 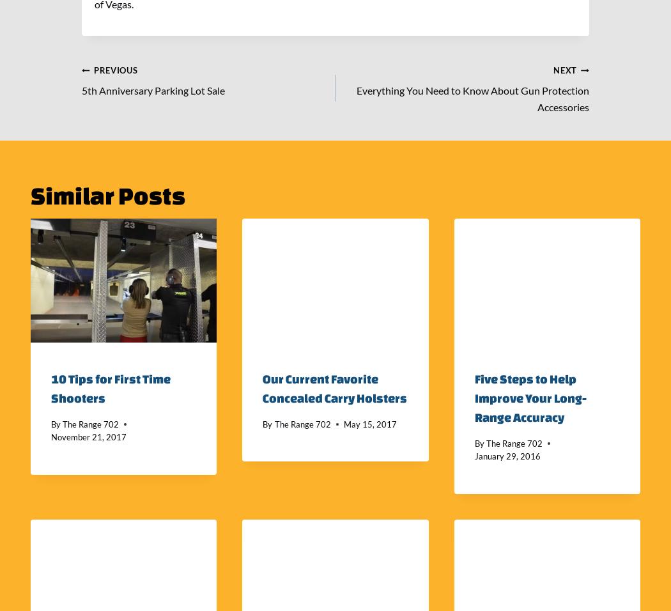 What do you see at coordinates (474, 456) in the screenshot?
I see `'January 29, 2016'` at bounding box center [474, 456].